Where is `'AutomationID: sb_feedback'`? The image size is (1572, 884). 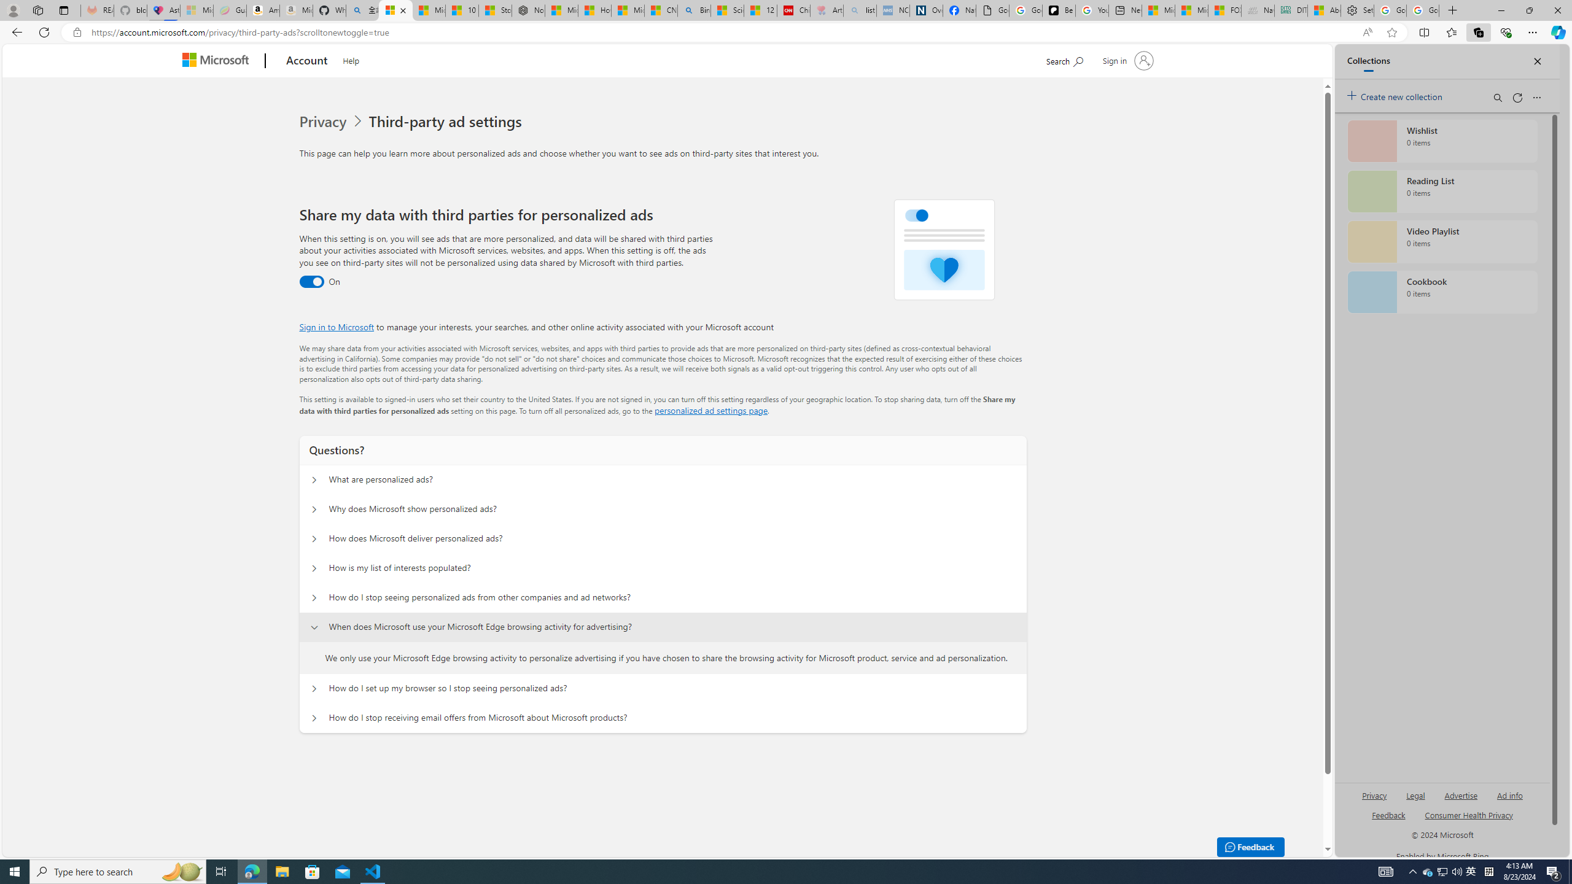
'AutomationID: sb_feedback' is located at coordinates (1388, 813).